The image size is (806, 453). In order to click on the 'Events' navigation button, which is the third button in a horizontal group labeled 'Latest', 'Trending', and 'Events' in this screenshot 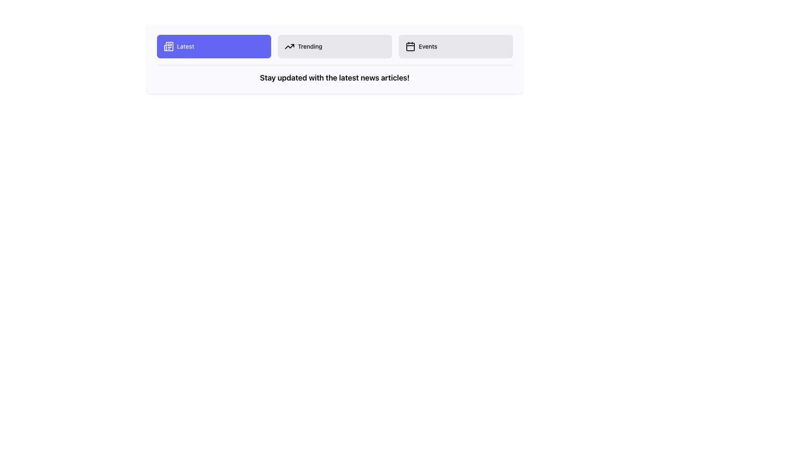, I will do `click(455, 47)`.